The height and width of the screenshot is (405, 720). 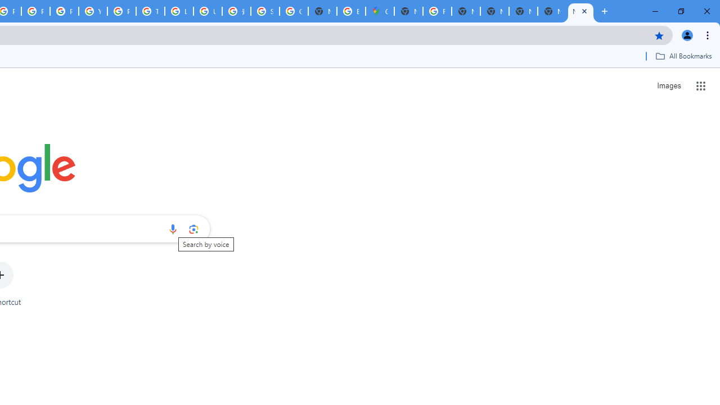 What do you see at coordinates (552, 11) in the screenshot?
I see `'New Tab'` at bounding box center [552, 11].